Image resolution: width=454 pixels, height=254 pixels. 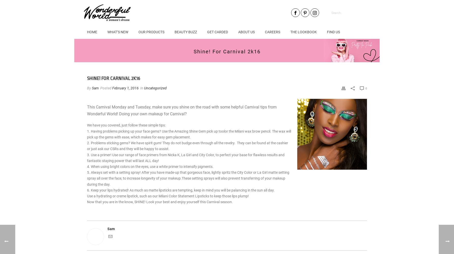 I want to click on '3. Use a primer! Use our range of face primers from Nicka K, La Girl and City Color, to perfect your base for flawless results and fantastic staying power that will last ALL day!', so click(x=186, y=157).